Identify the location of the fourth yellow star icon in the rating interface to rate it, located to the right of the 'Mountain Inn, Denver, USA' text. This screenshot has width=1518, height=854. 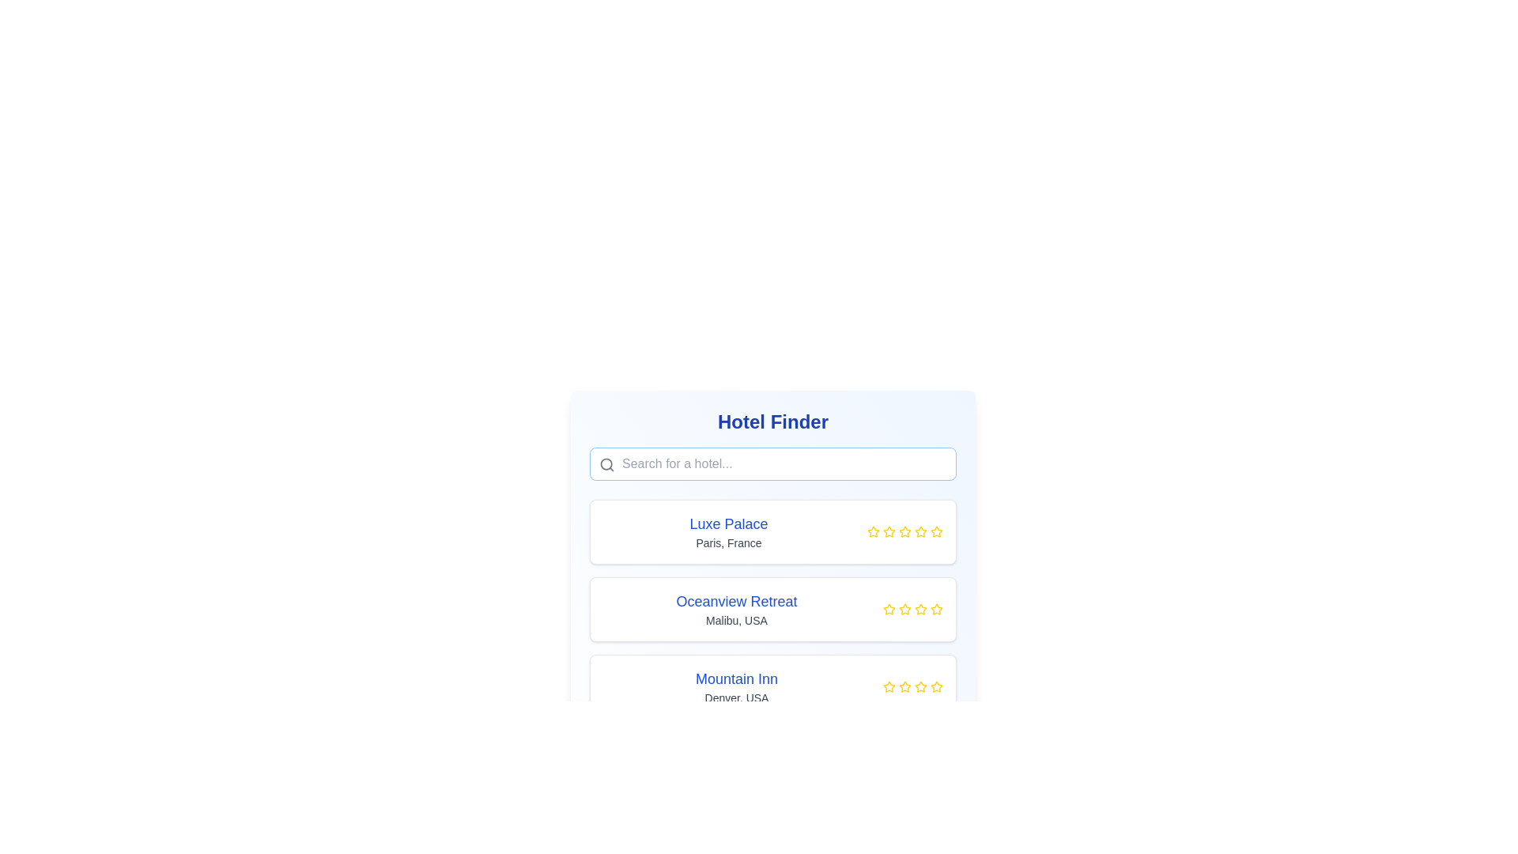
(921, 686).